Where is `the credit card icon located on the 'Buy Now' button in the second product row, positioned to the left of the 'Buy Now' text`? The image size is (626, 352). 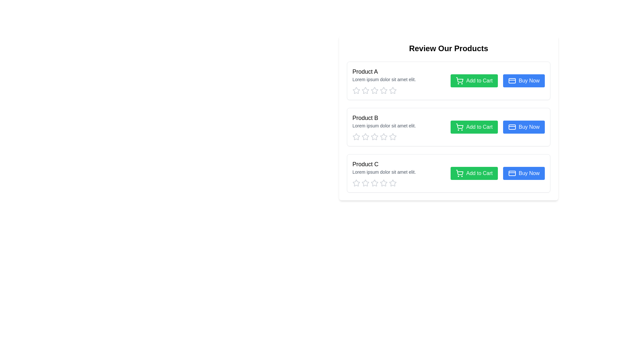
the credit card icon located on the 'Buy Now' button in the second product row, positioned to the left of the 'Buy Now' text is located at coordinates (512, 127).